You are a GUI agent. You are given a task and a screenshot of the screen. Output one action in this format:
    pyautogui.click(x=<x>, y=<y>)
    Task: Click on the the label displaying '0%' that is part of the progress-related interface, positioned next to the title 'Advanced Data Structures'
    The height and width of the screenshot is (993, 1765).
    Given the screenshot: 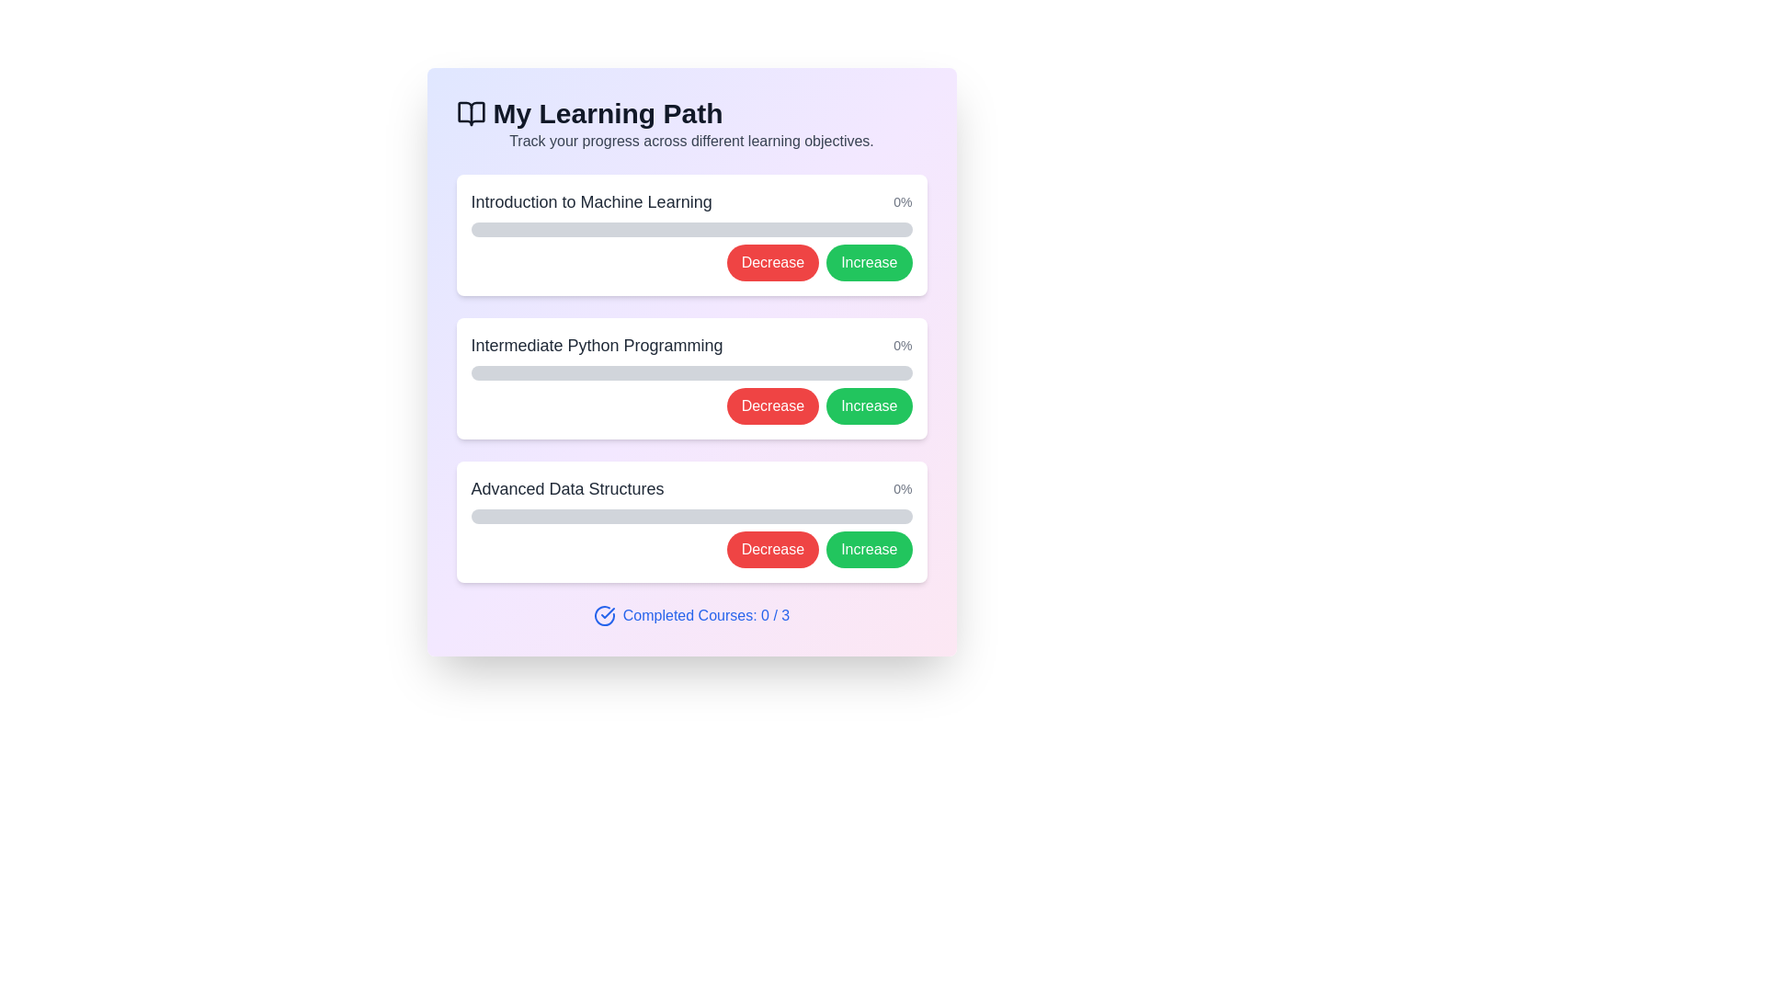 What is the action you would take?
    pyautogui.click(x=903, y=488)
    